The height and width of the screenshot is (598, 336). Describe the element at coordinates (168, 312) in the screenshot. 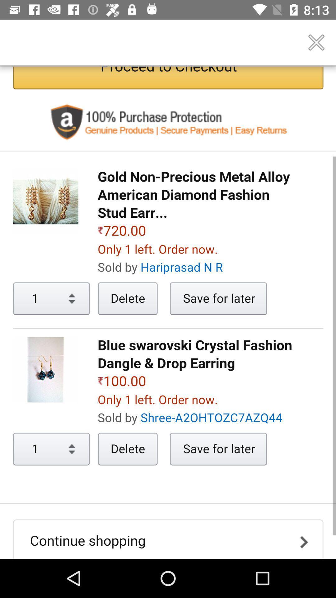

I see `show the products` at that location.